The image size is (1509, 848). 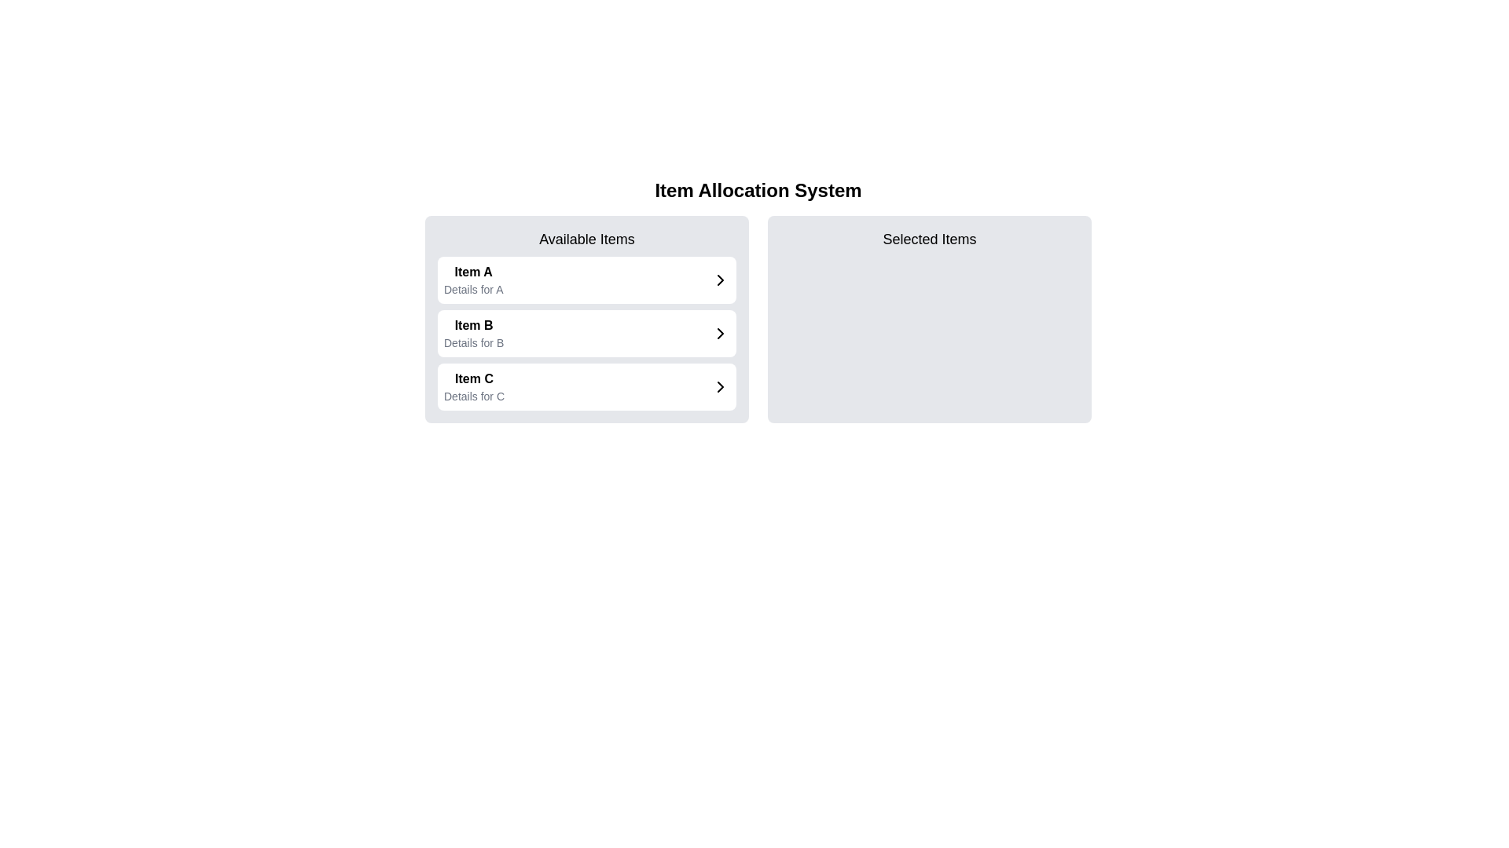 What do you see at coordinates (586, 387) in the screenshot?
I see `the 'Item C' card in the list` at bounding box center [586, 387].